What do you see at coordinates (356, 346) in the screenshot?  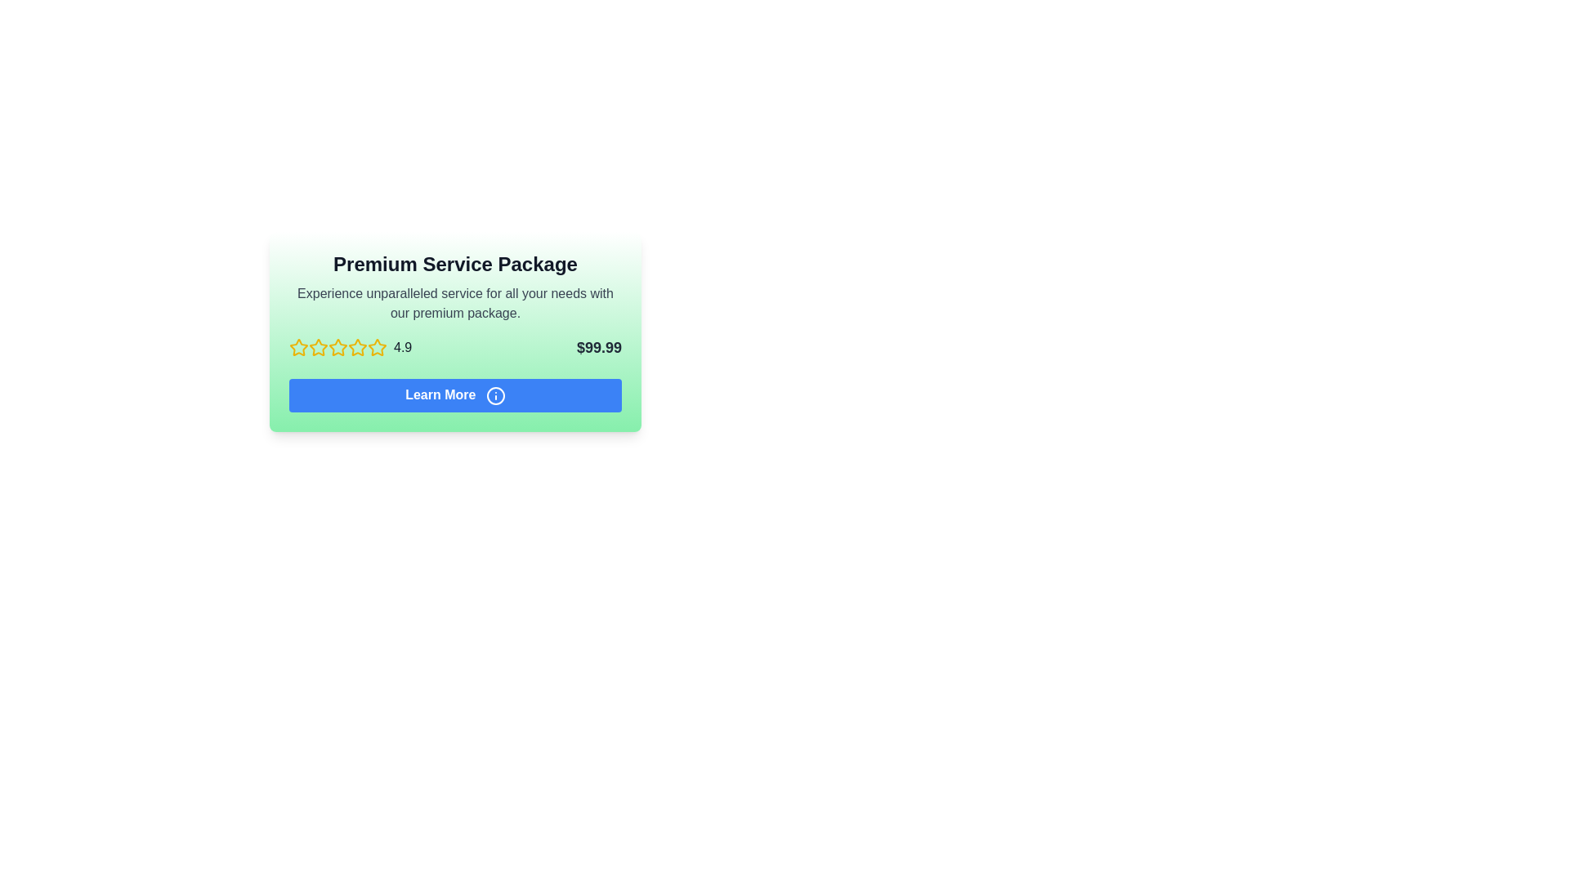 I see `the sixth star icon in the rating component beneath the 'Premium Service Package' header` at bounding box center [356, 346].